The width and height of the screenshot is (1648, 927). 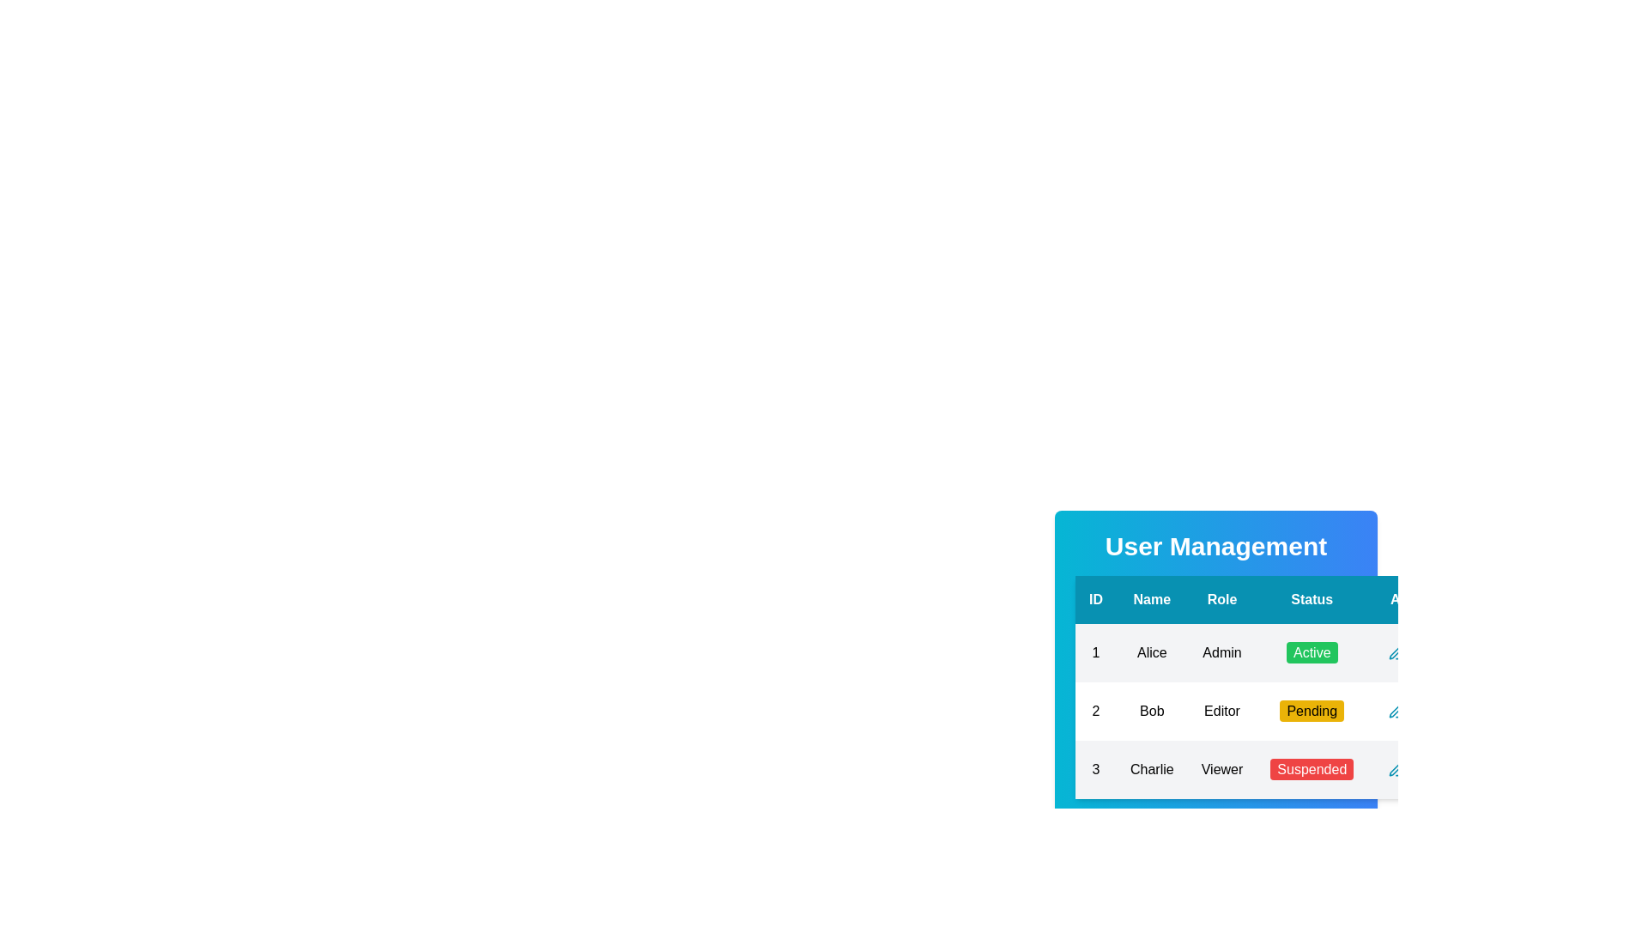 I want to click on the stylized icon button resembling a pen or pencil located in the second row of the user actions table to initiate editing, so click(x=1397, y=712).